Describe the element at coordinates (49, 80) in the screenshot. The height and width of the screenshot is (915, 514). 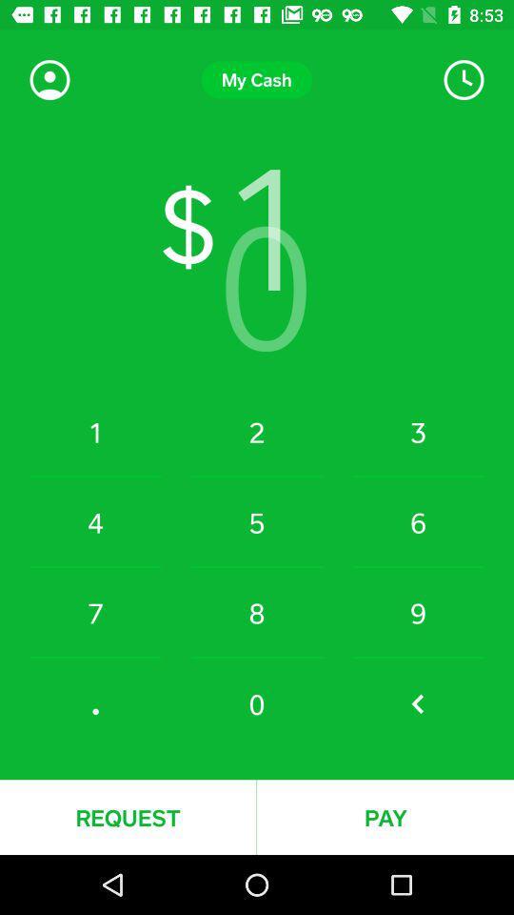
I see `the avatar icon` at that location.